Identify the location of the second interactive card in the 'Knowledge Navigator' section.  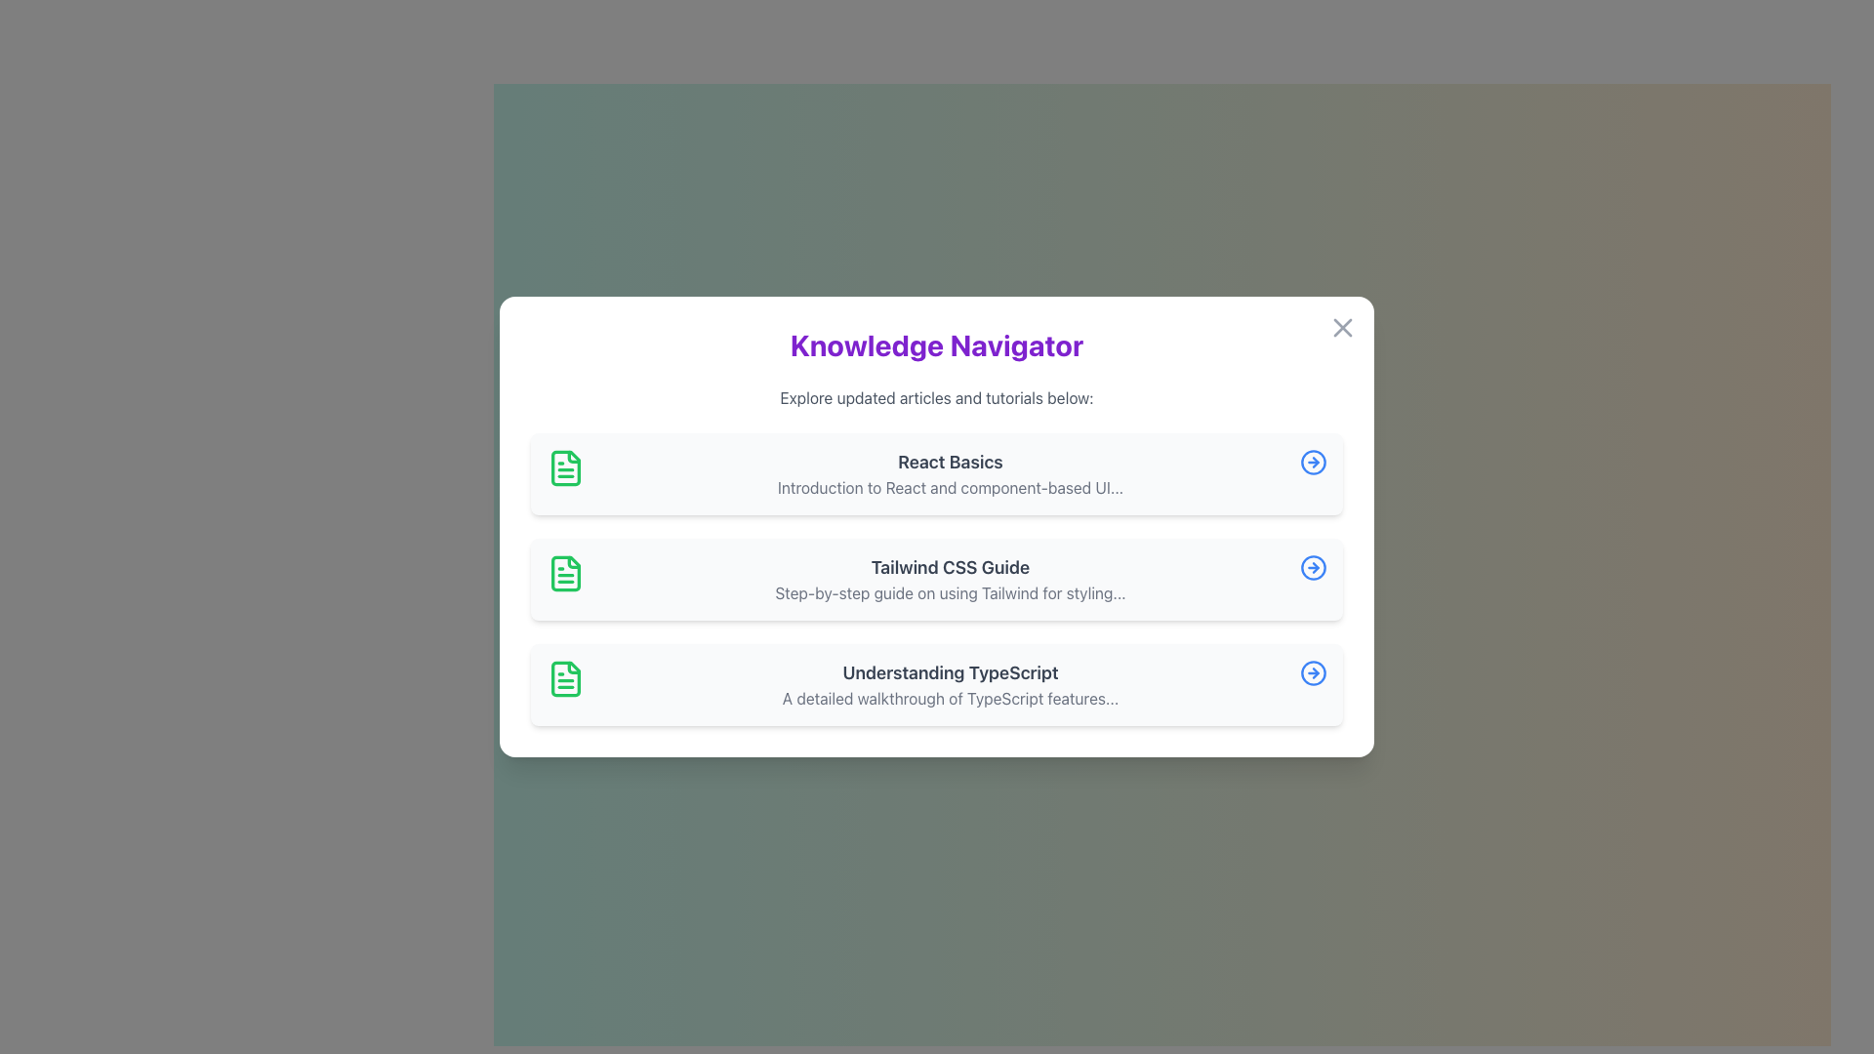
(937, 579).